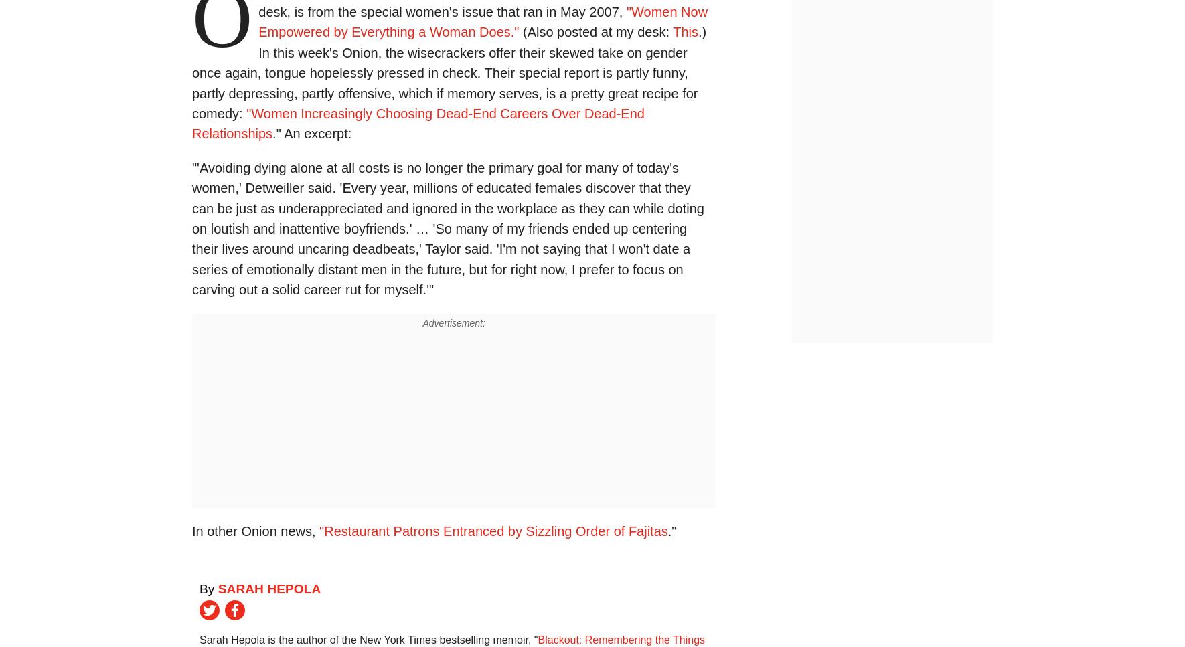 The width and height of the screenshot is (1185, 647). I want to click on 'Sarah Hepola is the author of the New York Times bestselling memoir, "', so click(368, 639).